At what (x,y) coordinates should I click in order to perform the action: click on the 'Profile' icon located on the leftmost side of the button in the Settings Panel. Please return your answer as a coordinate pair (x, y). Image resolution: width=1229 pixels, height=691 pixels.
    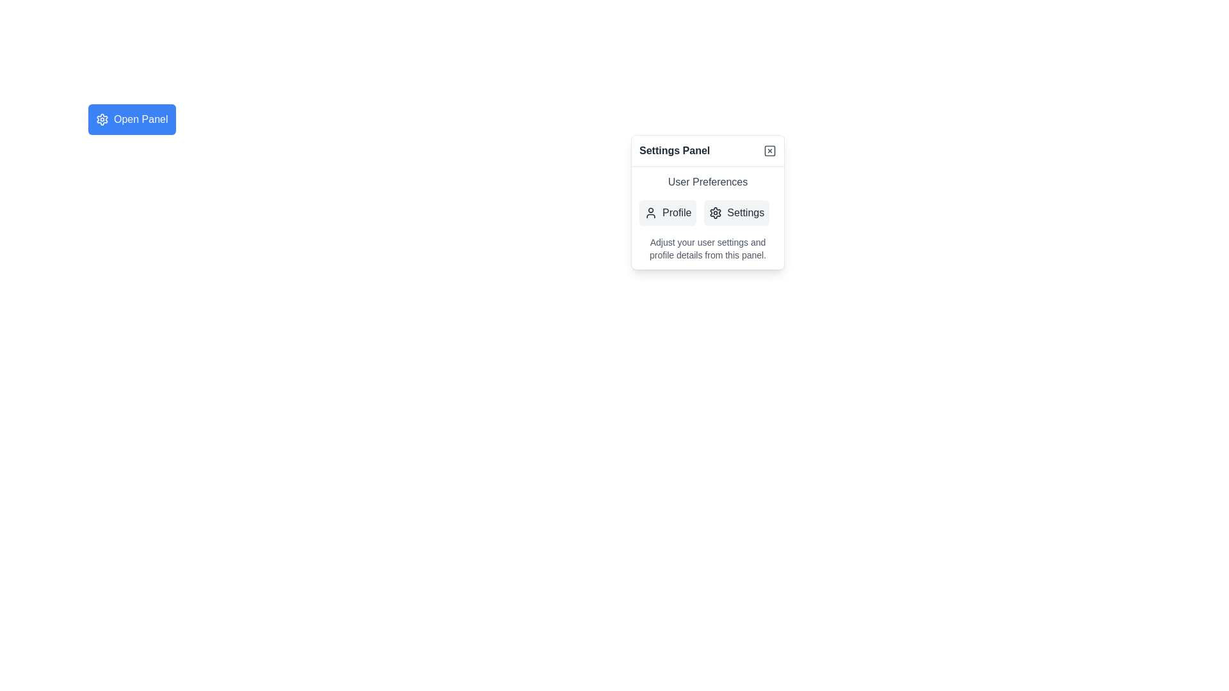
    Looking at the image, I should click on (651, 212).